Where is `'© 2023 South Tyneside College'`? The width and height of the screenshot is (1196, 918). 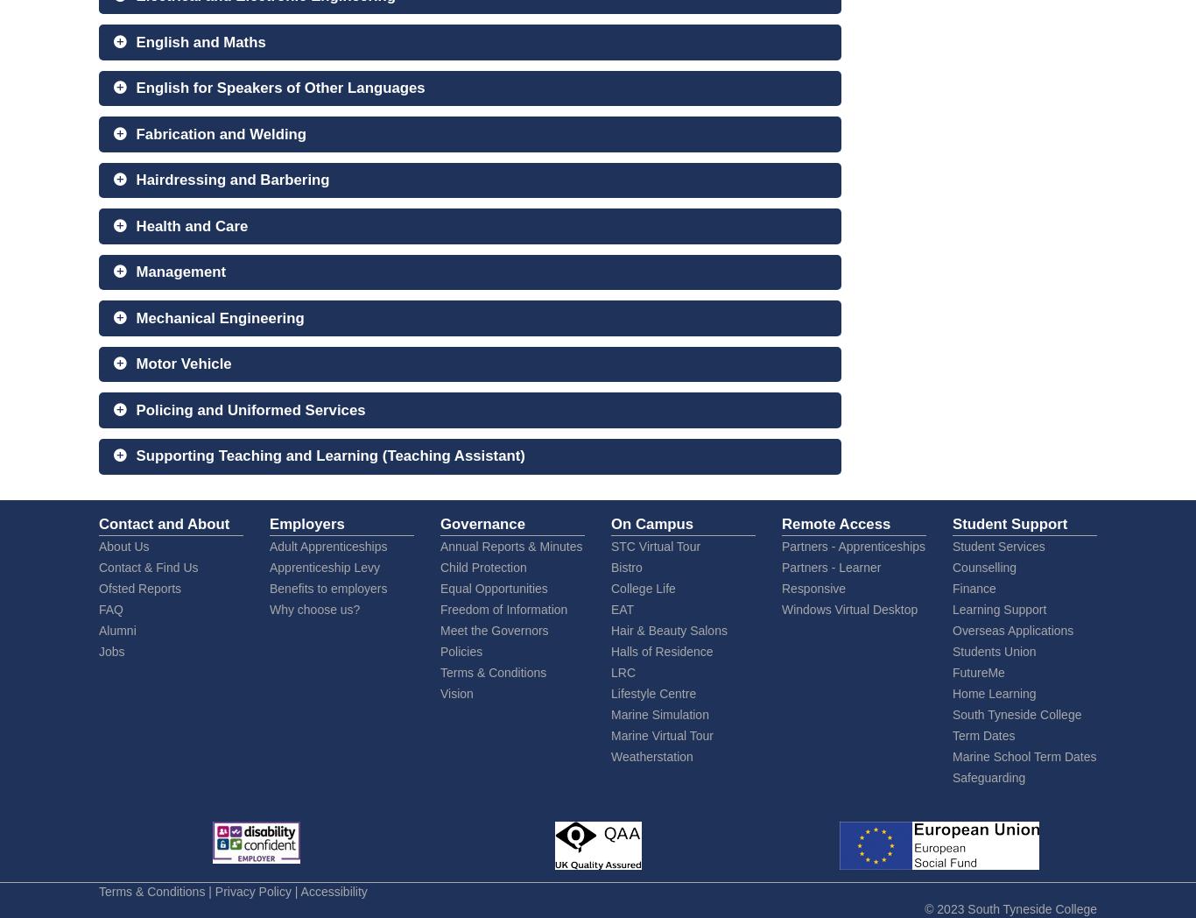 '© 2023 South Tyneside College' is located at coordinates (1010, 907).